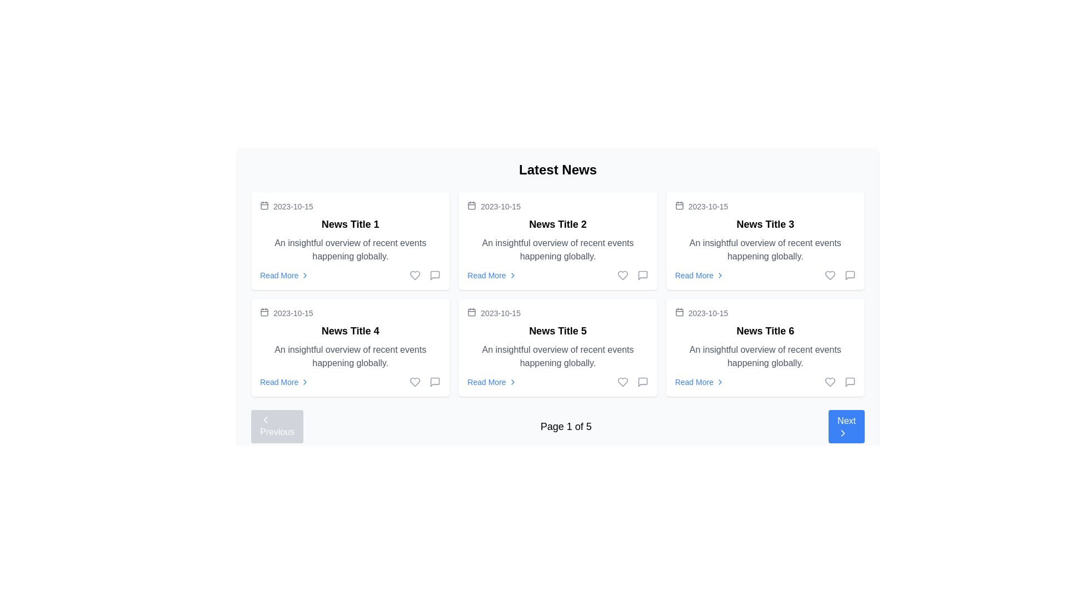  What do you see at coordinates (293, 313) in the screenshot?
I see `the static text label displaying the date associated with the news item, located in the second row, first column under the 'Latest News' section, to the left of 'News Title 4'` at bounding box center [293, 313].